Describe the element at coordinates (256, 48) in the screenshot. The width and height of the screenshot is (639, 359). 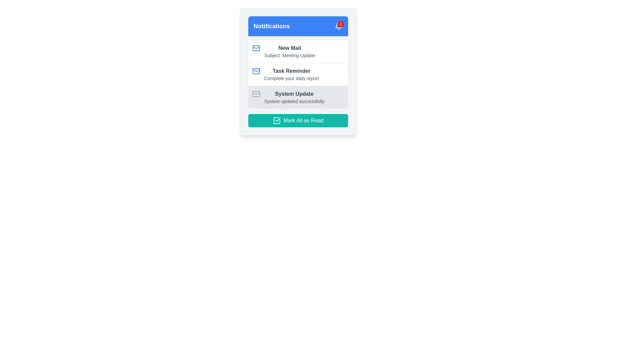
I see `the email notification icon located at the top-left corner of the first notification item labeled 'New Mail'` at that location.